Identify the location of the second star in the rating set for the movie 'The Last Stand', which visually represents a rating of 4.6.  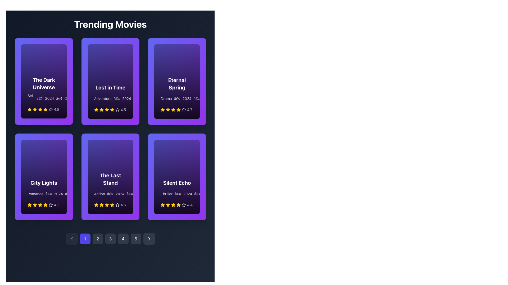
(101, 205).